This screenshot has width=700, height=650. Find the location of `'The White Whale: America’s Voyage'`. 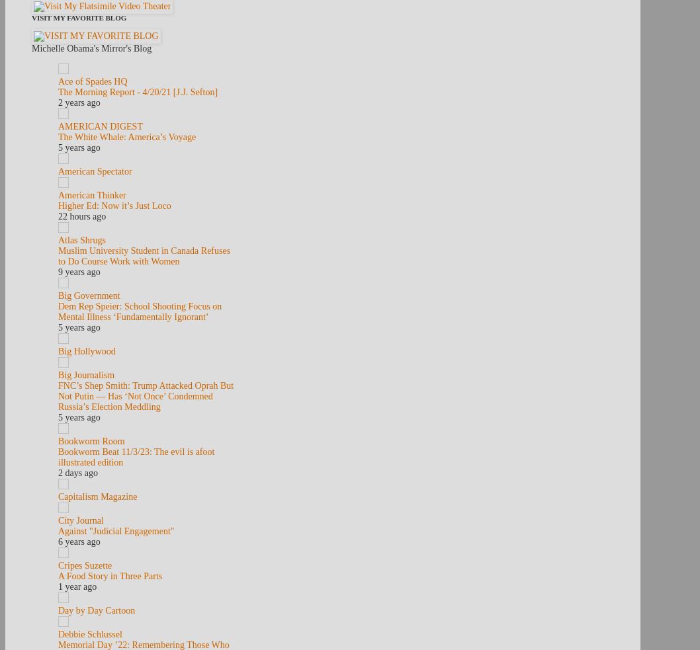

'The White Whale: America’s Voyage' is located at coordinates (127, 137).